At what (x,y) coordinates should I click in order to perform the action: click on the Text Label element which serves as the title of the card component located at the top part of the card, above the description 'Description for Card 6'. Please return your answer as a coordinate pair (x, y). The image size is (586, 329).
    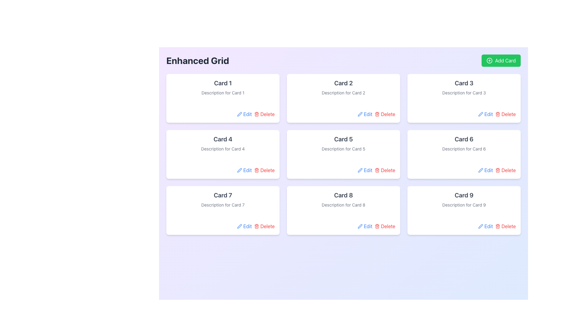
    Looking at the image, I should click on (464, 139).